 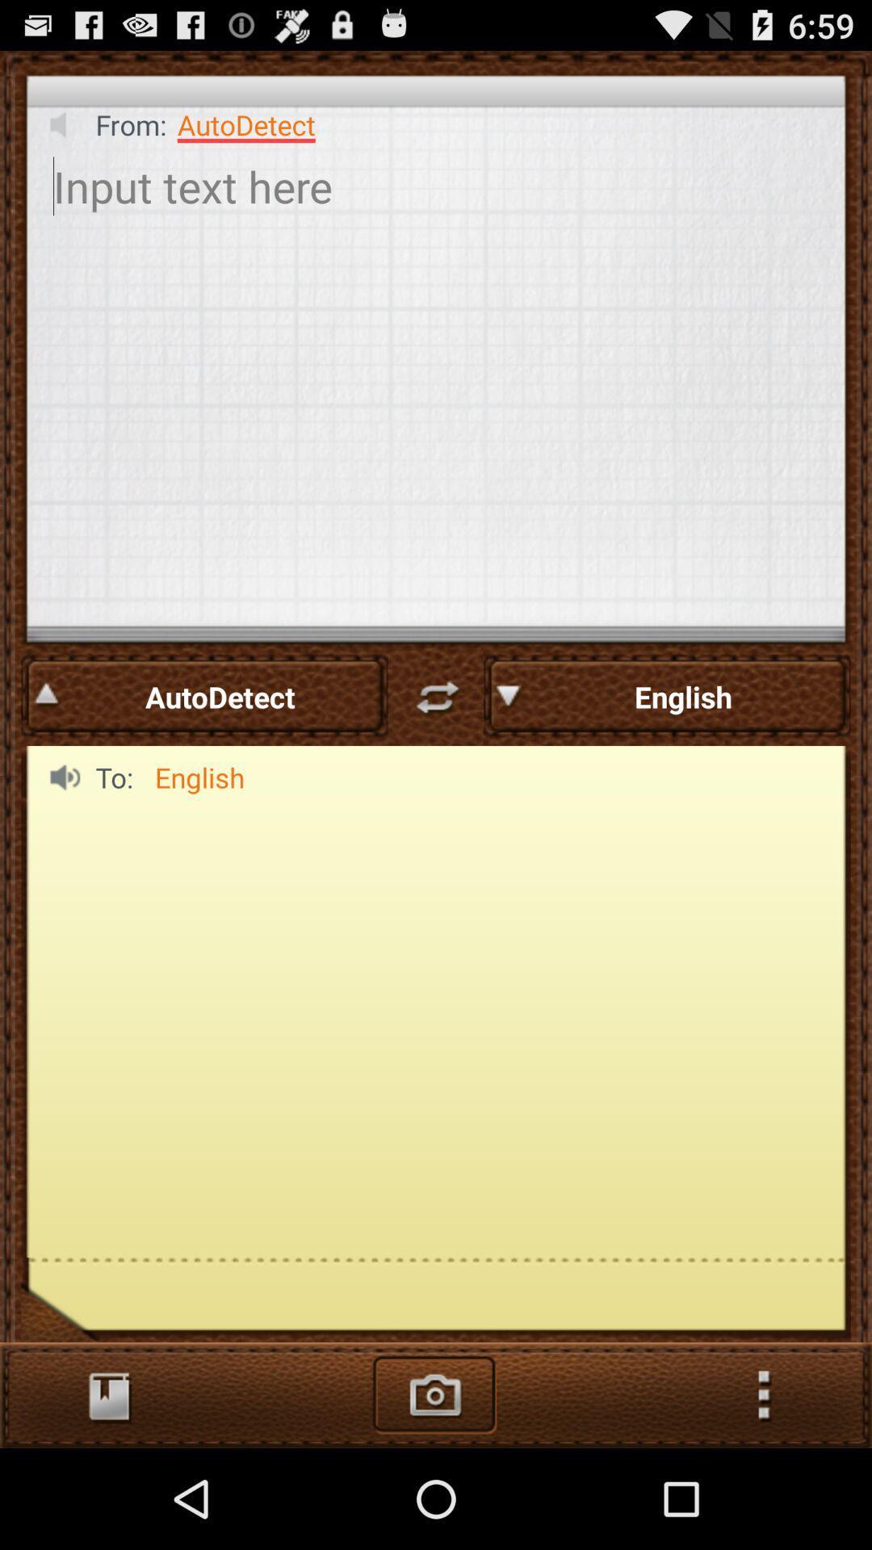 I want to click on the more icon, so click(x=763, y=1492).